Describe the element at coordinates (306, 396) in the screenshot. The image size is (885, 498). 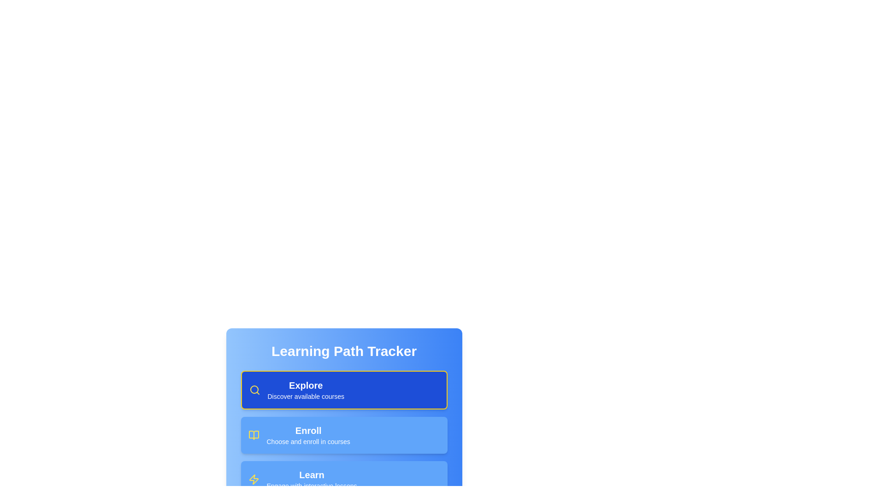
I see `the supporting text label located below the main title 'Explore' in the 'Explore' section of the interface` at that location.